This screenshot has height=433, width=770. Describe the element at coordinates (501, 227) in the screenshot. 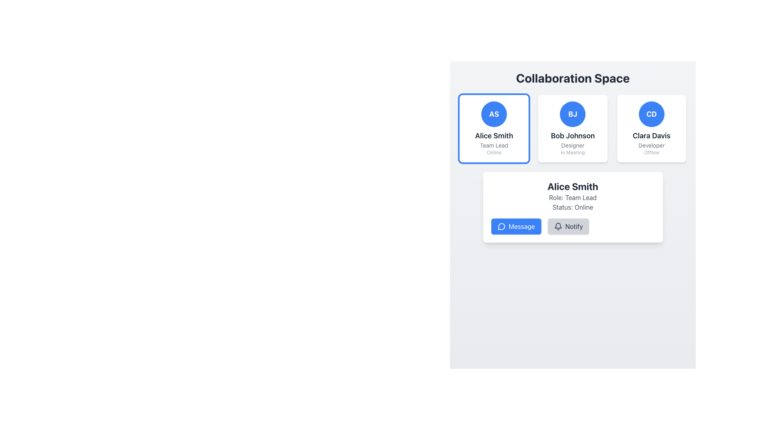

I see `the speech bubble icon within the Message button located below the user details section` at that location.